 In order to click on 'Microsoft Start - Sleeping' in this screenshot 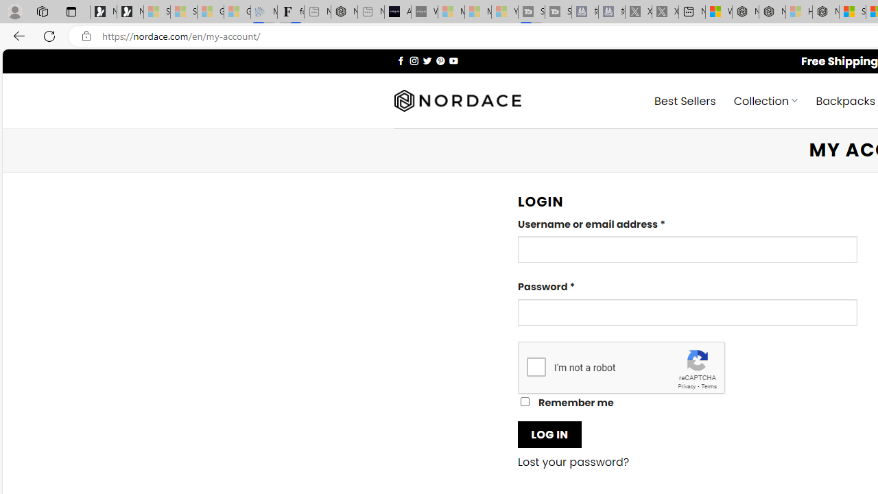, I will do `click(477, 12)`.